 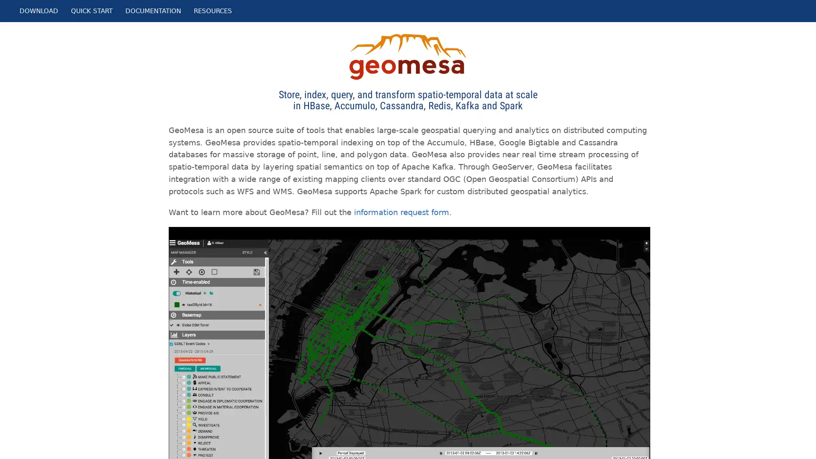 I want to click on QUICK START, so click(x=92, y=11).